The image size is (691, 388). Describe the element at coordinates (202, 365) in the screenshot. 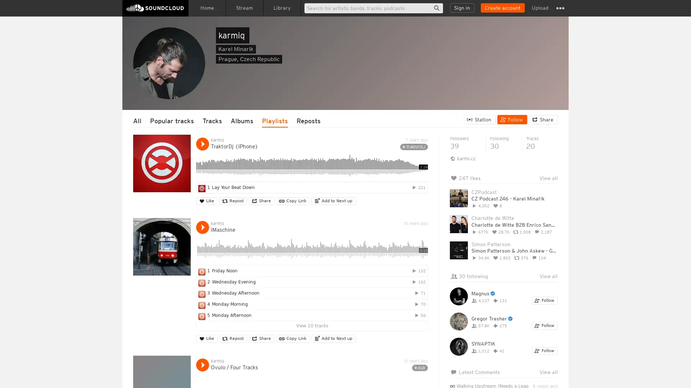

I see `Play` at that location.